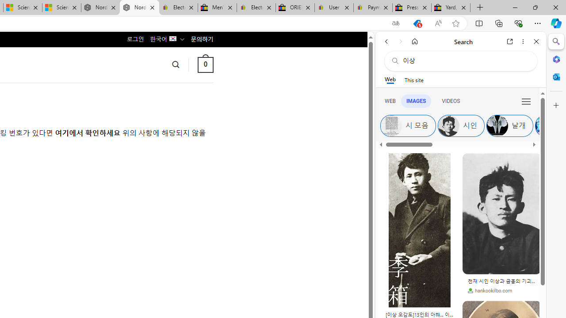 This screenshot has width=566, height=318. I want to click on 'WEB', so click(390, 100).